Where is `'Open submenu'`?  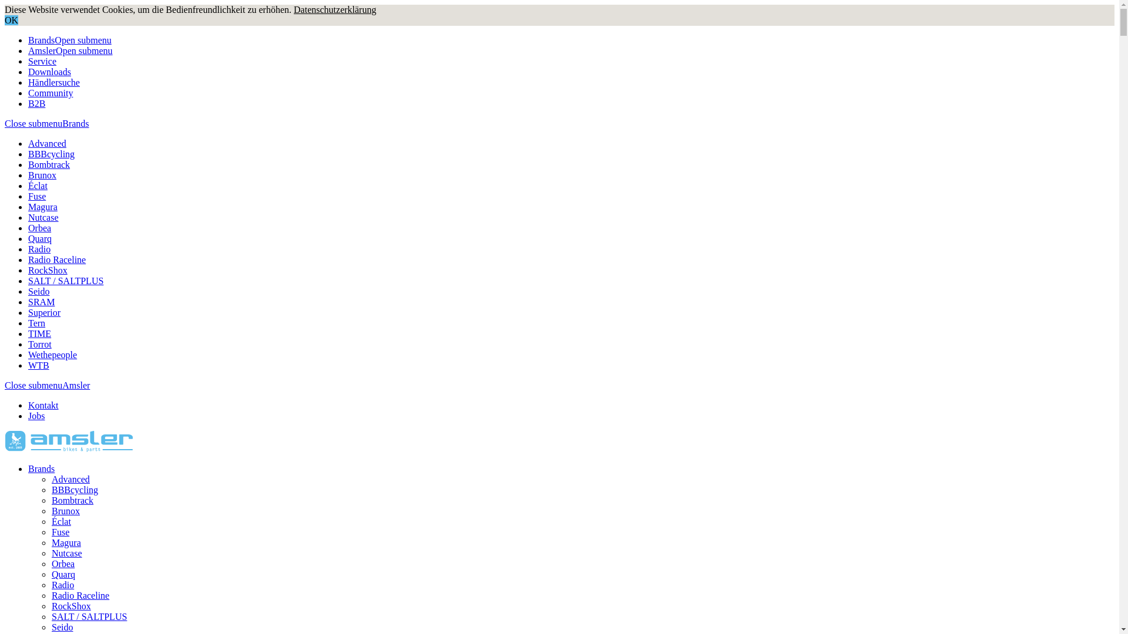 'Open submenu' is located at coordinates (82, 39).